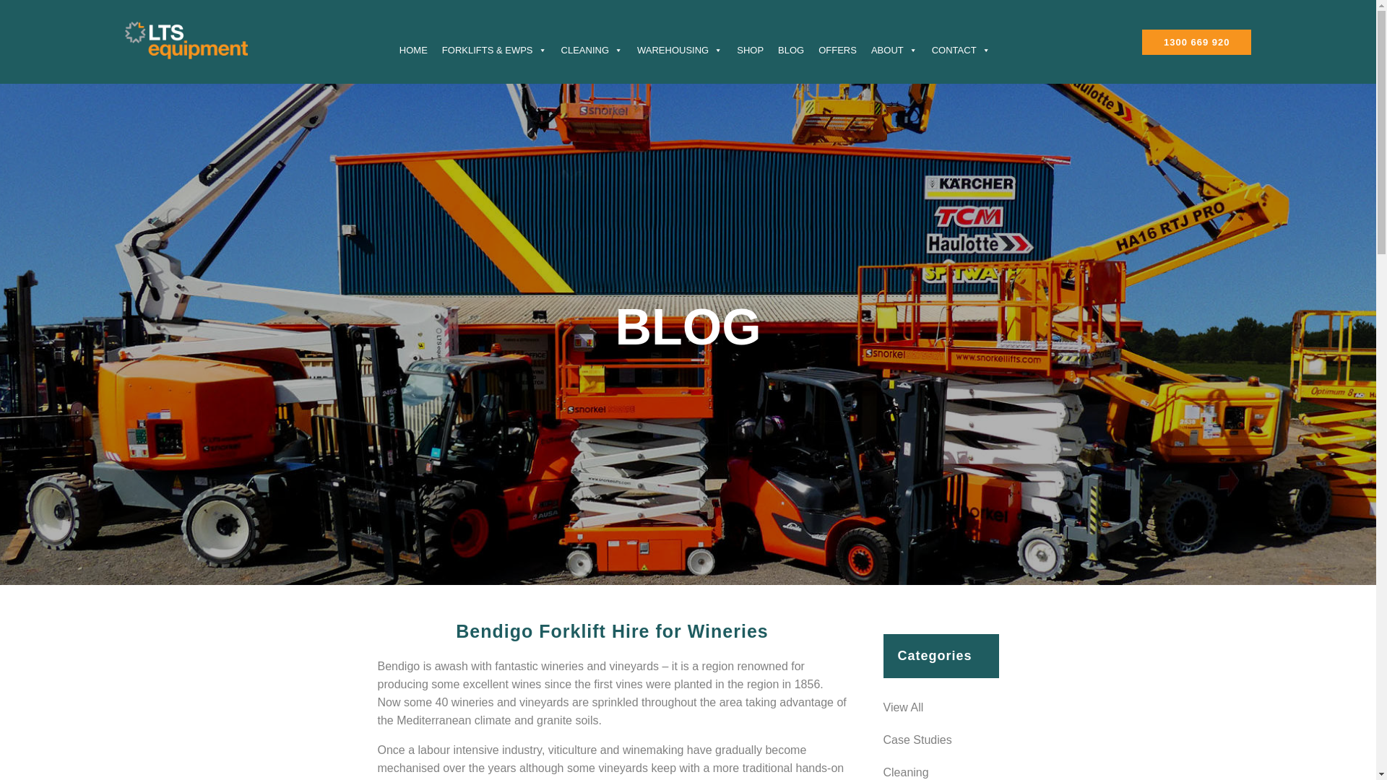  What do you see at coordinates (494, 49) in the screenshot?
I see `'FORKLIFTS & EWPS'` at bounding box center [494, 49].